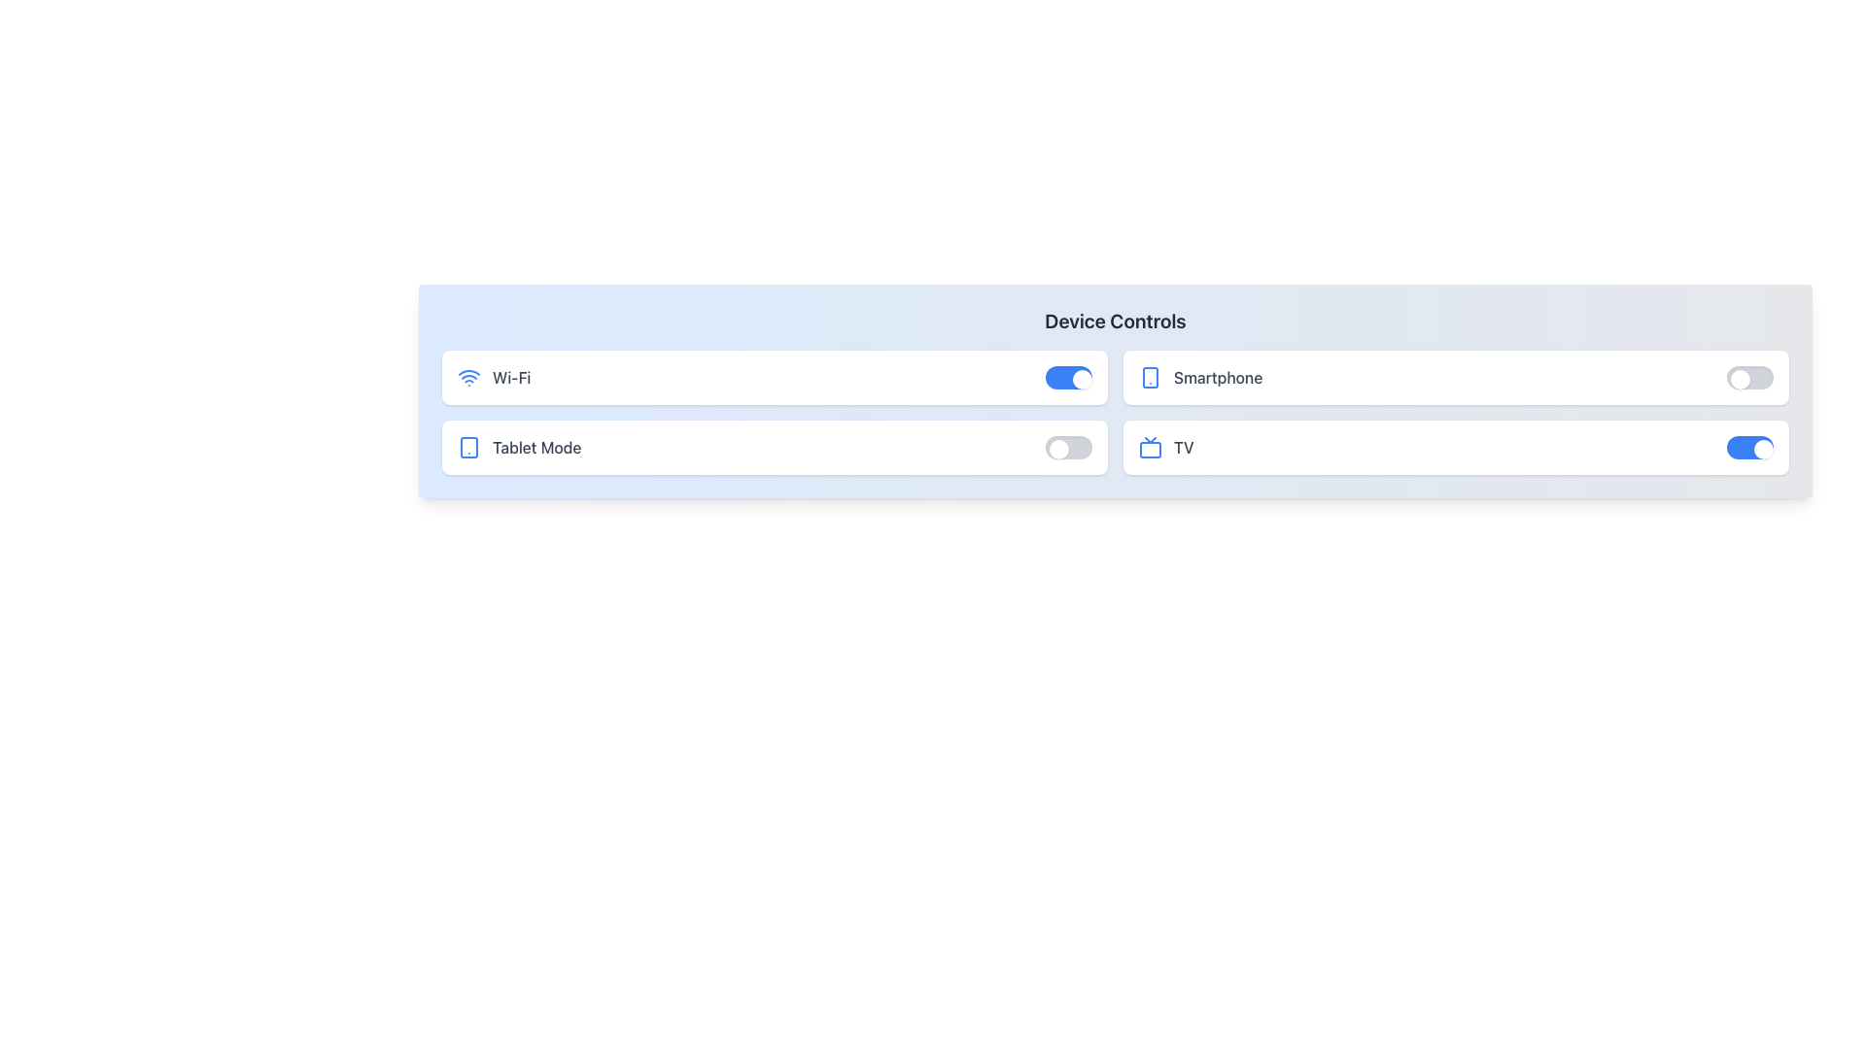 The height and width of the screenshot is (1049, 1866). Describe the element at coordinates (511, 378) in the screenshot. I see `the 'Wi-Fi' text label, which is displayed in medium-sized gray font and is located near the top left corner of the interface, to the right of the Wi-Fi icon` at that location.